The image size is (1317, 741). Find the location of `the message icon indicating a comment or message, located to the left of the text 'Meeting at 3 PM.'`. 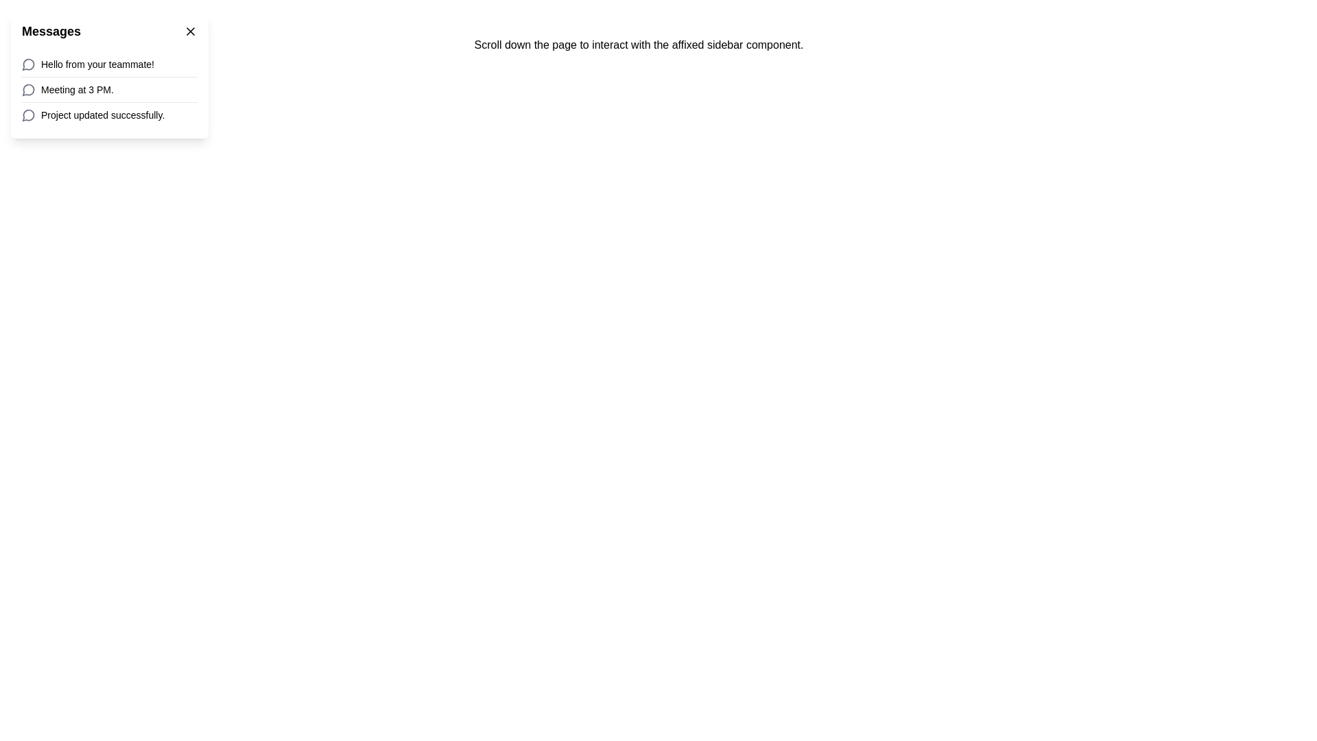

the message icon indicating a comment or message, located to the left of the text 'Meeting at 3 PM.' is located at coordinates (29, 90).